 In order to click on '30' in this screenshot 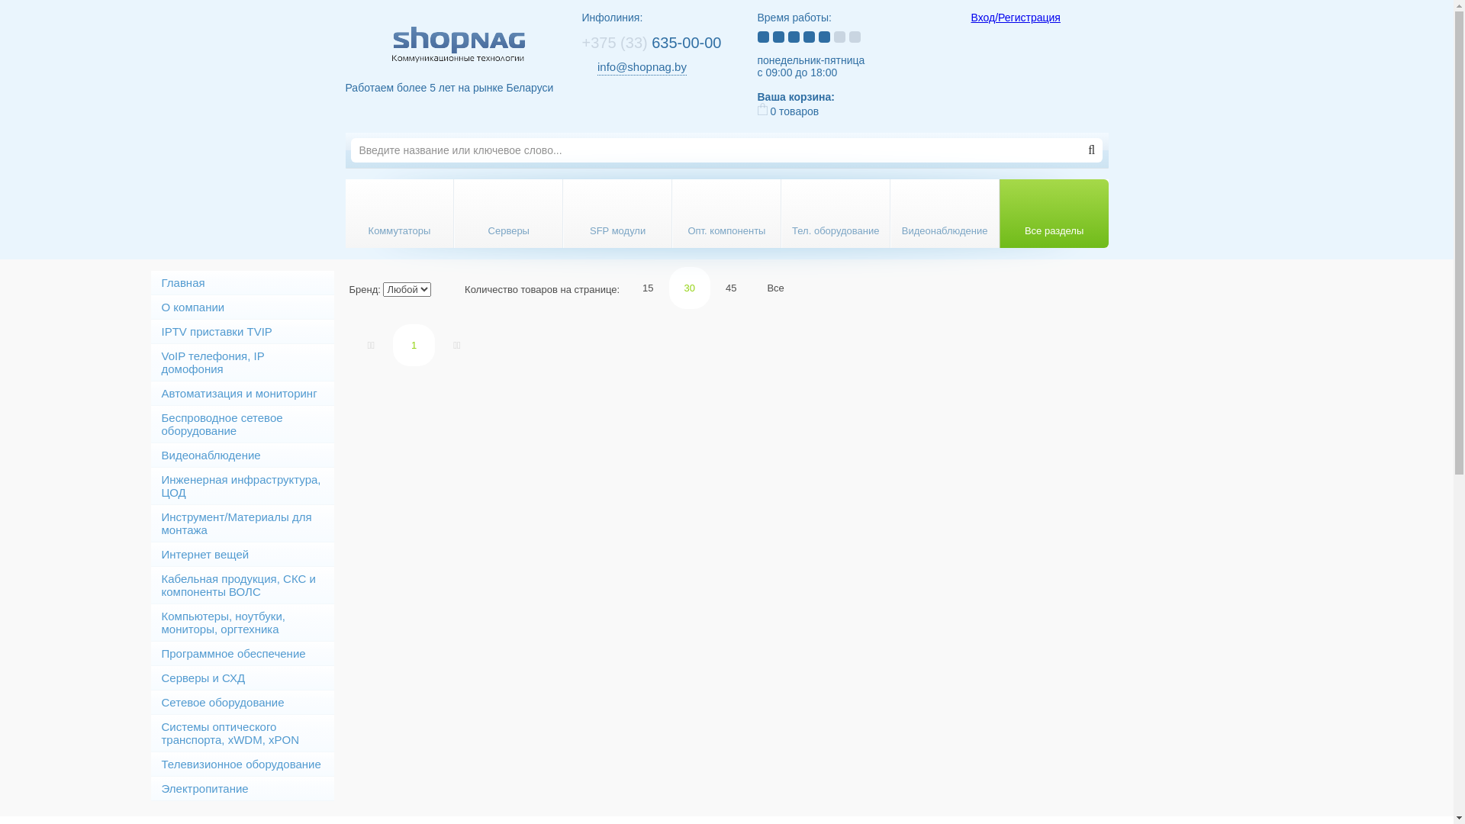, I will do `click(688, 288)`.